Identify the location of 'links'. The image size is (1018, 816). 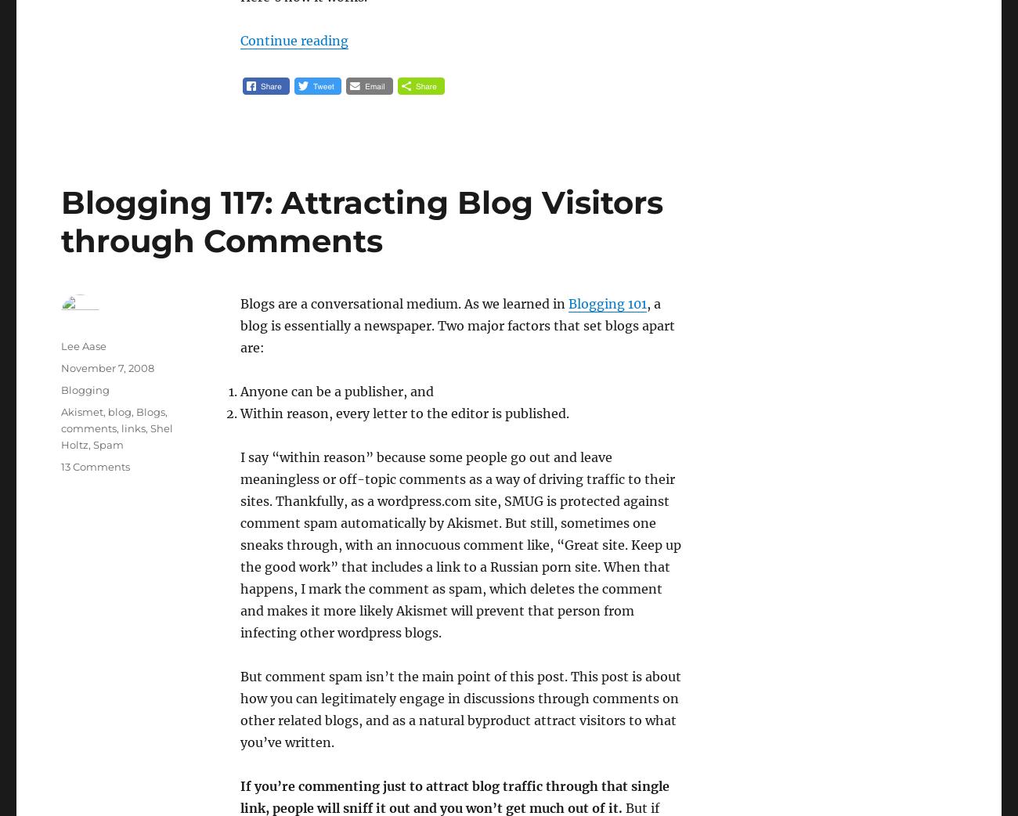
(133, 428).